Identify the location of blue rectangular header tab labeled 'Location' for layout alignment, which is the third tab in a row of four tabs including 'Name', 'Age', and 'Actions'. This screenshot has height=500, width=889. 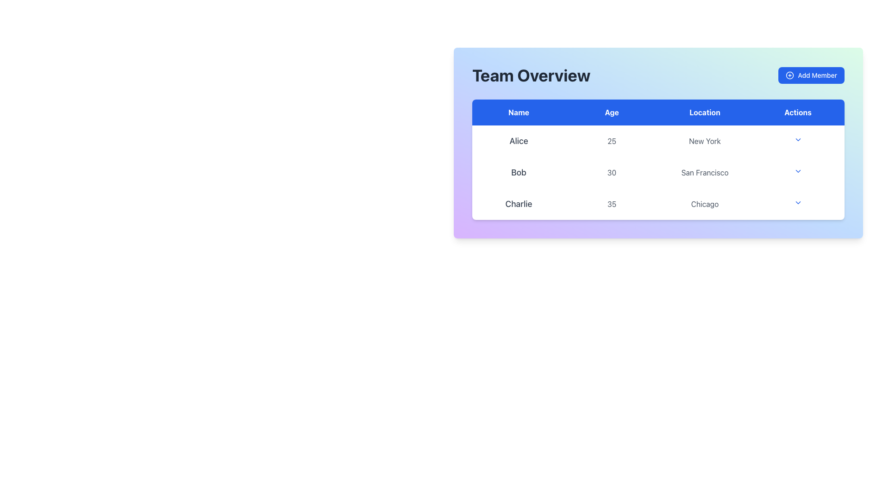
(704, 112).